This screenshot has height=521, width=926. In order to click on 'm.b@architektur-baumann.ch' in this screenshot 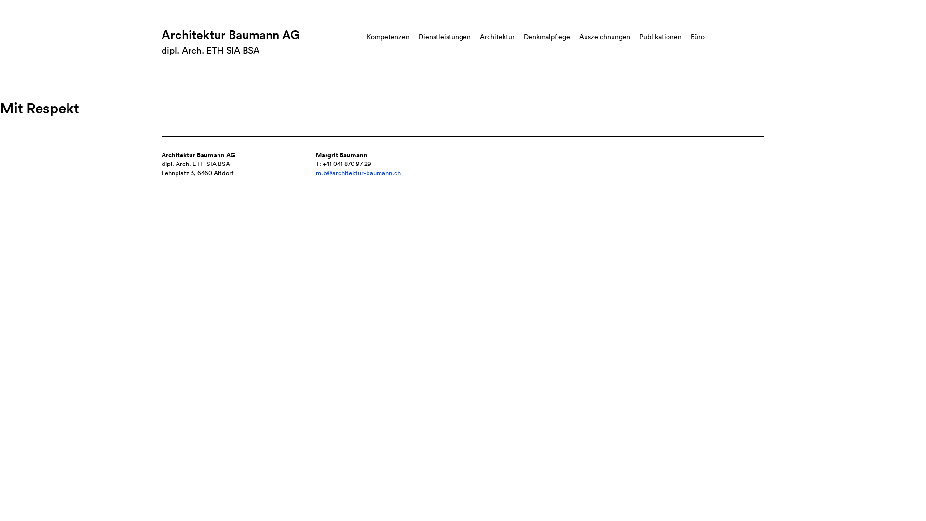, I will do `click(358, 172)`.